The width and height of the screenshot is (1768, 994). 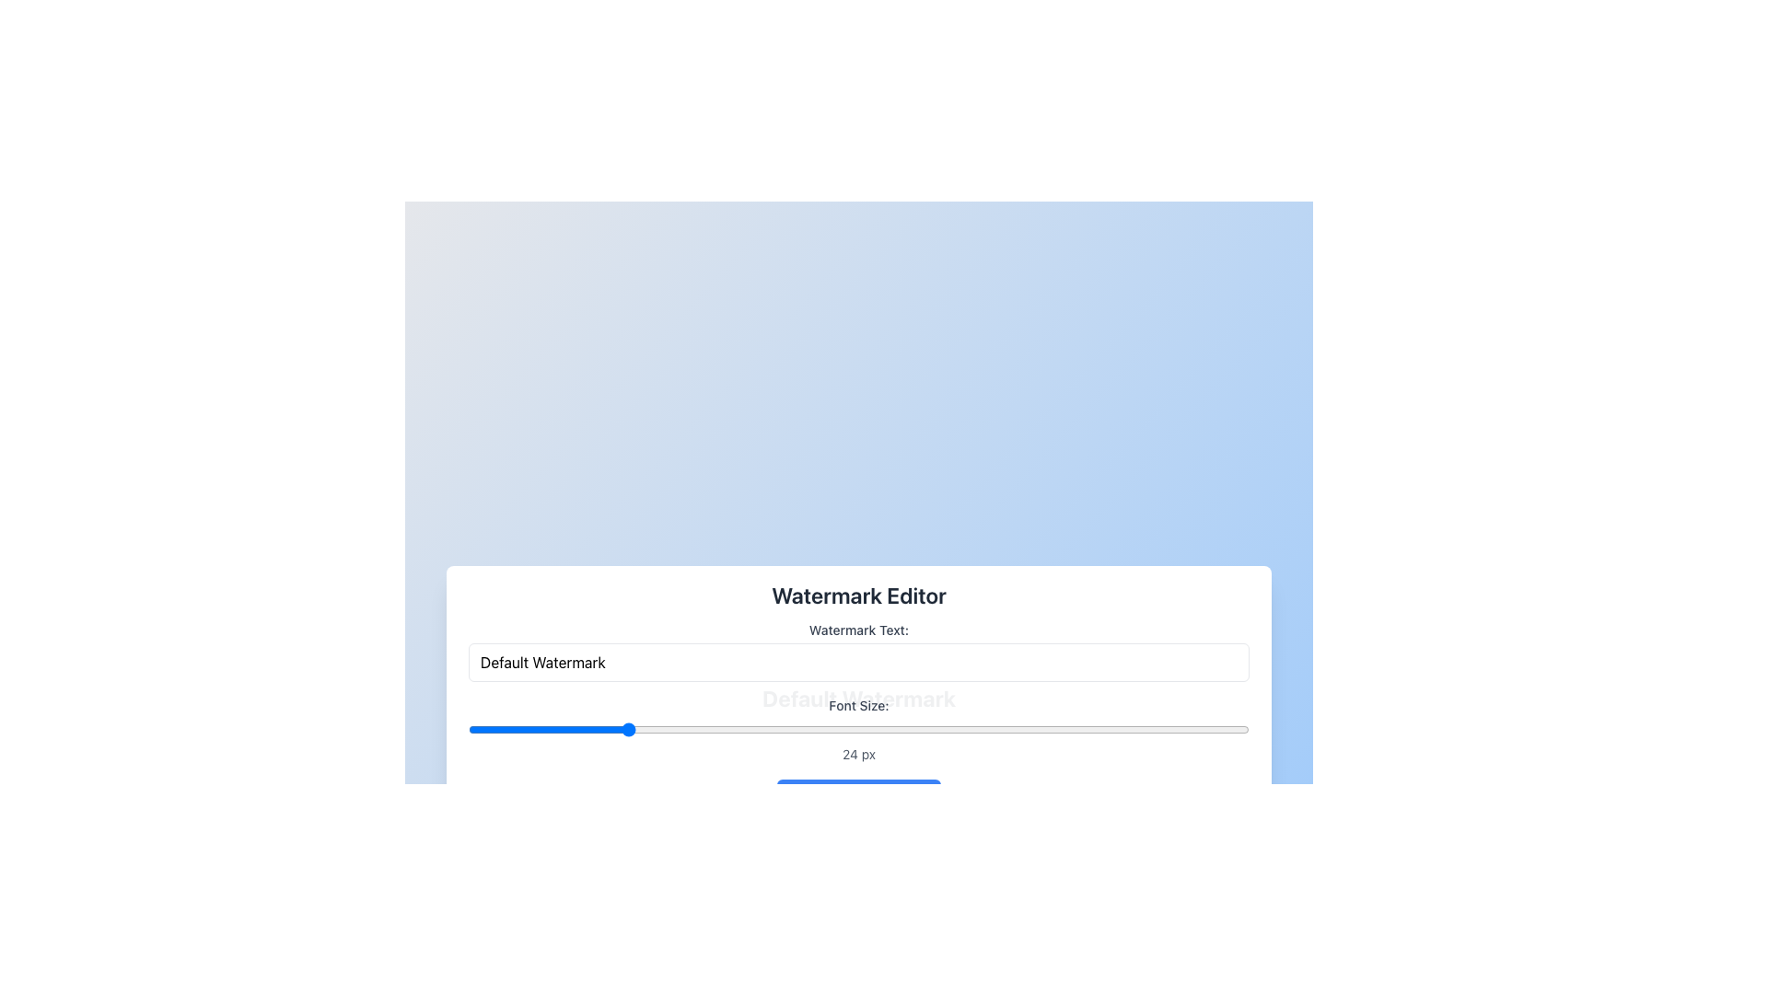 What do you see at coordinates (857, 630) in the screenshot?
I see `the Text Label that indicates the function of the input field for entering watermark text, located near the top center of the interface` at bounding box center [857, 630].